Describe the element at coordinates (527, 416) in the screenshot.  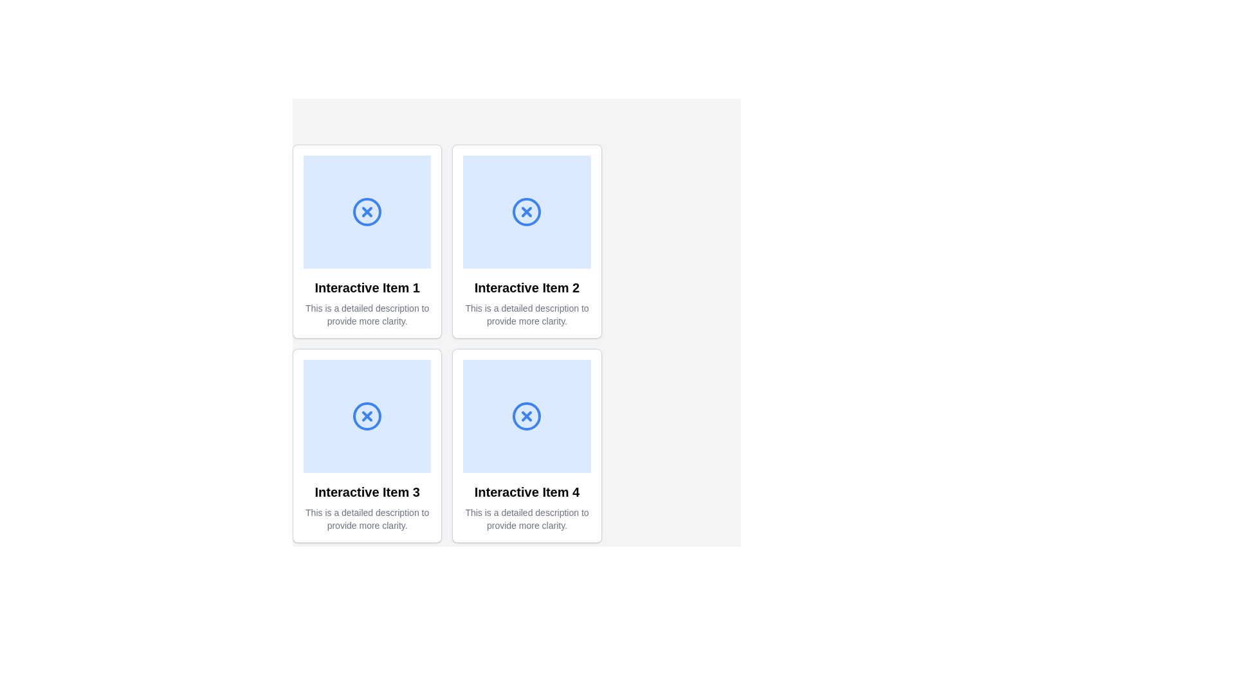
I see `the 'close' or 'cancel' SVG icon located at the top of the 'Interactive Item 4' grid card, which is styled as a decorative or status indicator` at that location.